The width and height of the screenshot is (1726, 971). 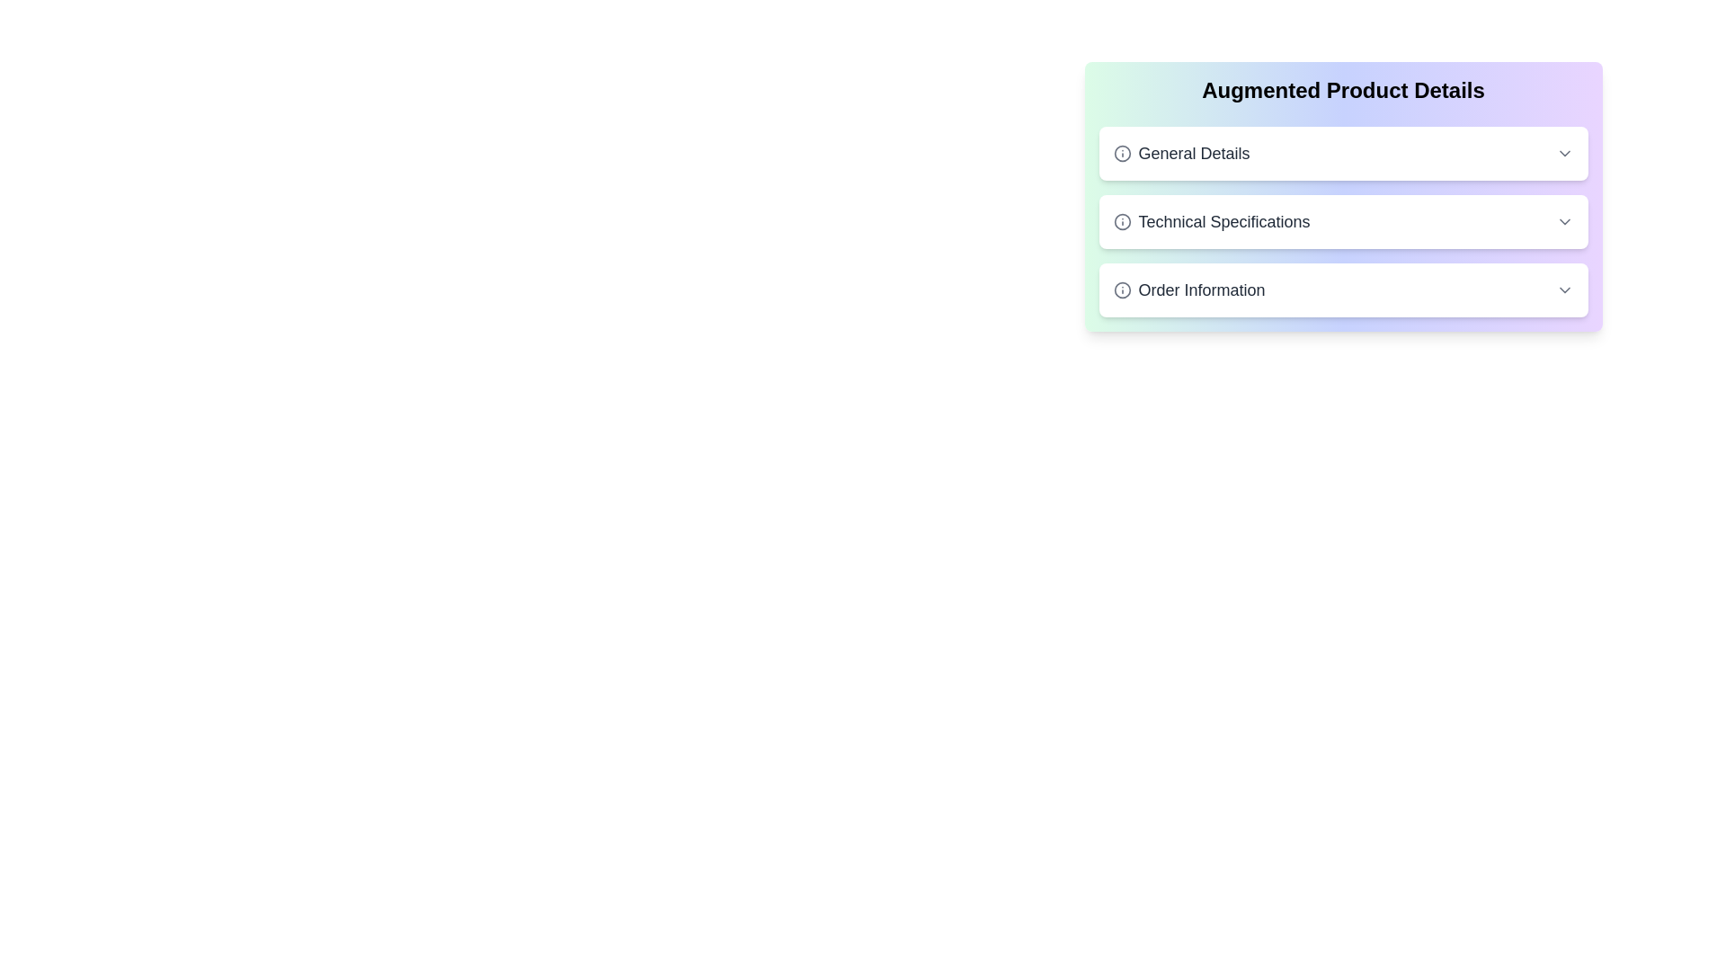 I want to click on the 'Order Information' collapsible section item, which is a white, rounded rectangular section with a shadow, located between the 'Technical Specifications' section and other elements, so click(x=1343, y=290).